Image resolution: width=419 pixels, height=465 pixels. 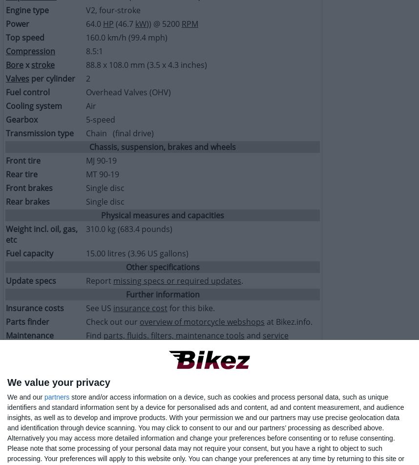 What do you see at coordinates (85, 360) in the screenshot?
I see `'Join the'` at bounding box center [85, 360].